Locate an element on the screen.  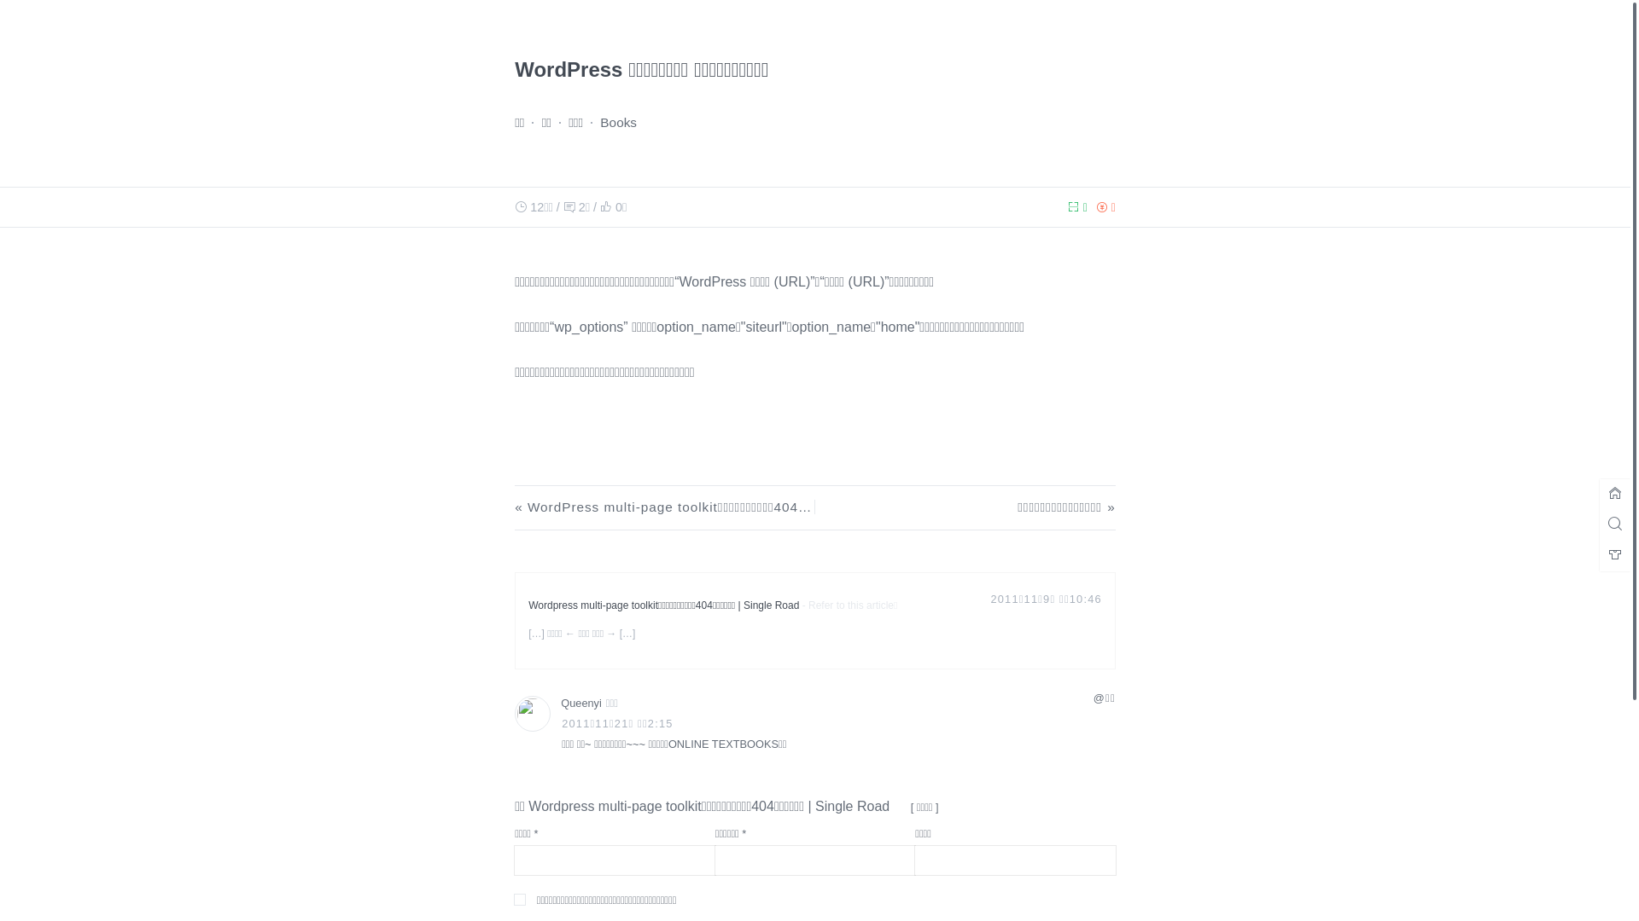
'Books' is located at coordinates (617, 121).